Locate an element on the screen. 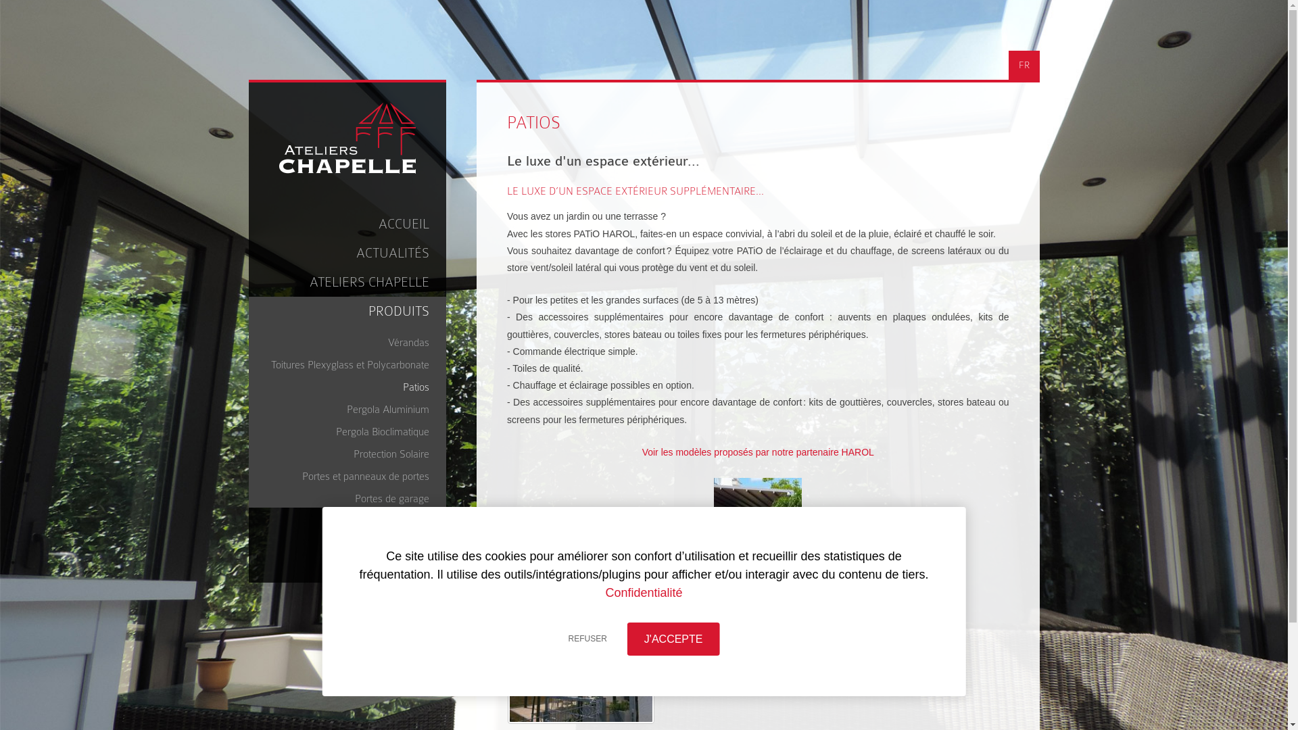 The height and width of the screenshot is (730, 1298). 'Toitures Plexyglass et Polycarbonate' is located at coordinates (351, 362).